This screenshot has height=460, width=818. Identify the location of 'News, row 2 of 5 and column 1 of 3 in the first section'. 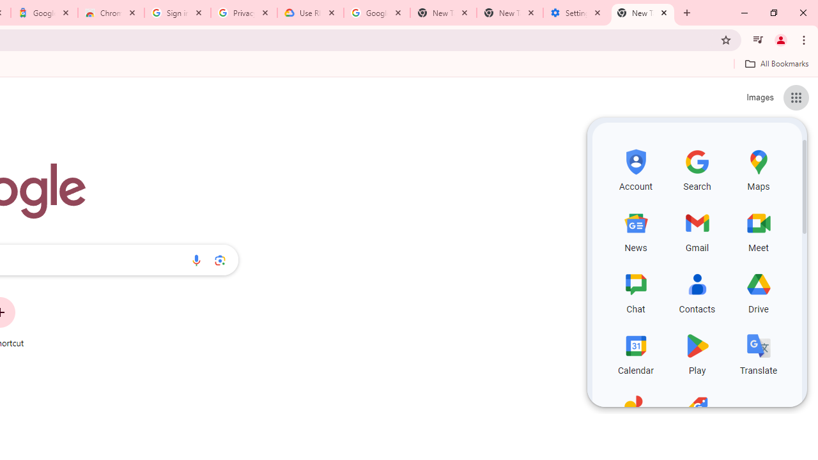
(636, 230).